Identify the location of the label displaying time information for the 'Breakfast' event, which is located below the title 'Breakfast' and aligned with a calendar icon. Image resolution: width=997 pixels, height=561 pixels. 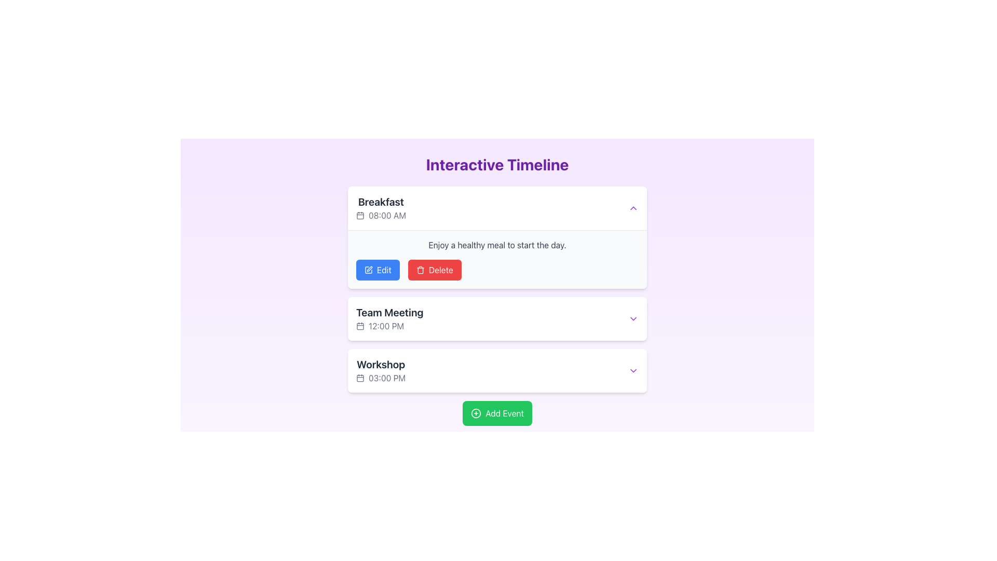
(381, 215).